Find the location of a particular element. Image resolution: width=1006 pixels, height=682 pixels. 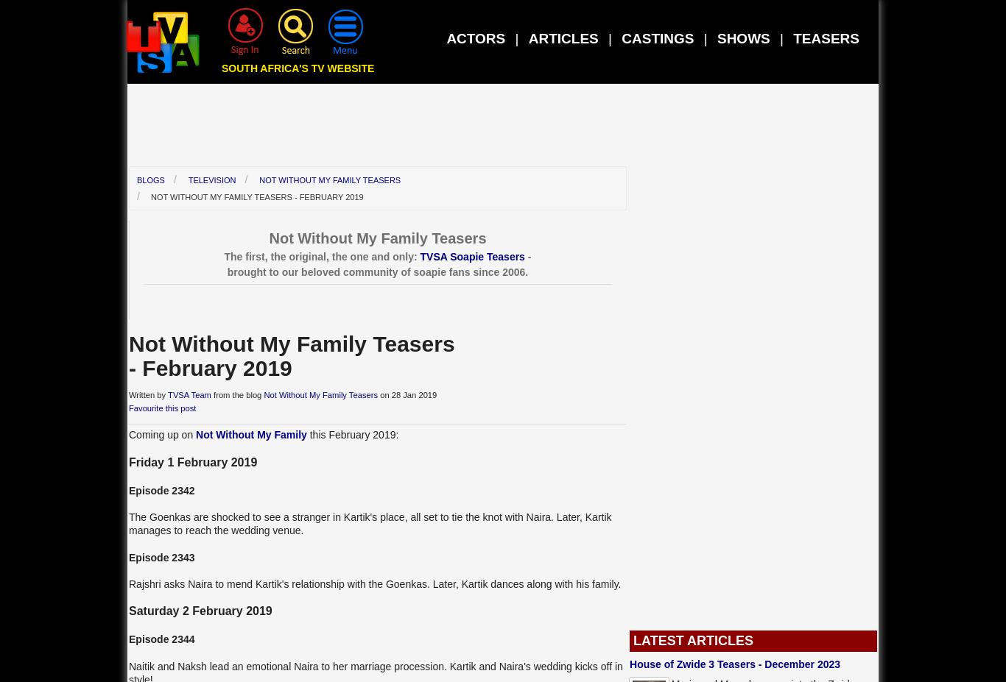

'Television' is located at coordinates (211, 180).